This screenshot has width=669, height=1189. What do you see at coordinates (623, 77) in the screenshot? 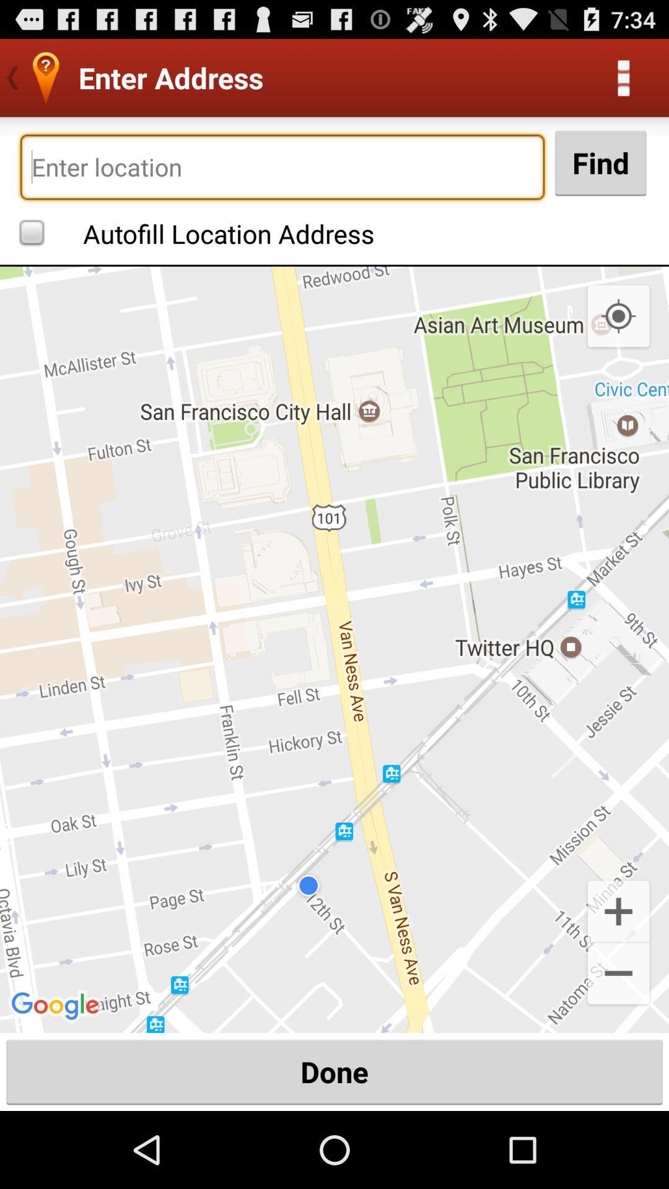
I see `icon above find icon` at bounding box center [623, 77].